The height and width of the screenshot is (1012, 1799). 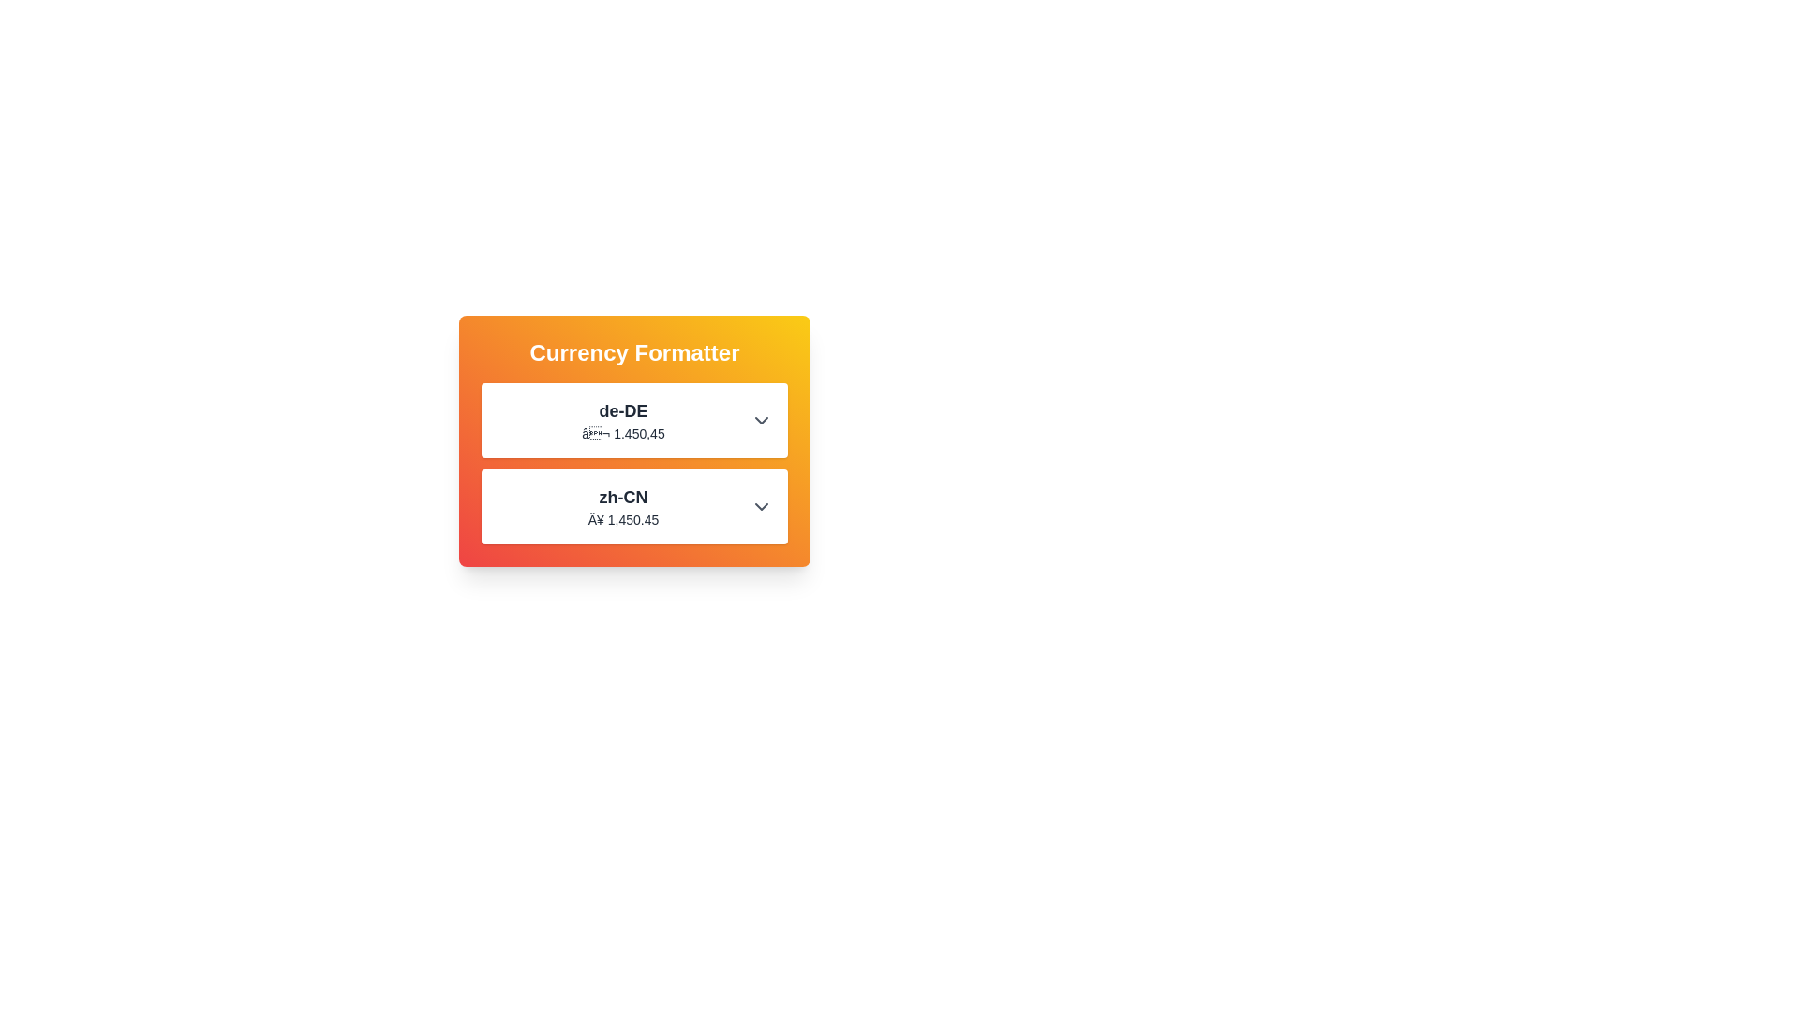 I want to click on the Text label displaying the formatted currency value for the selected locale, which is positioned below the 'de-DE' label and next to the related dropdown component, so click(x=623, y=433).